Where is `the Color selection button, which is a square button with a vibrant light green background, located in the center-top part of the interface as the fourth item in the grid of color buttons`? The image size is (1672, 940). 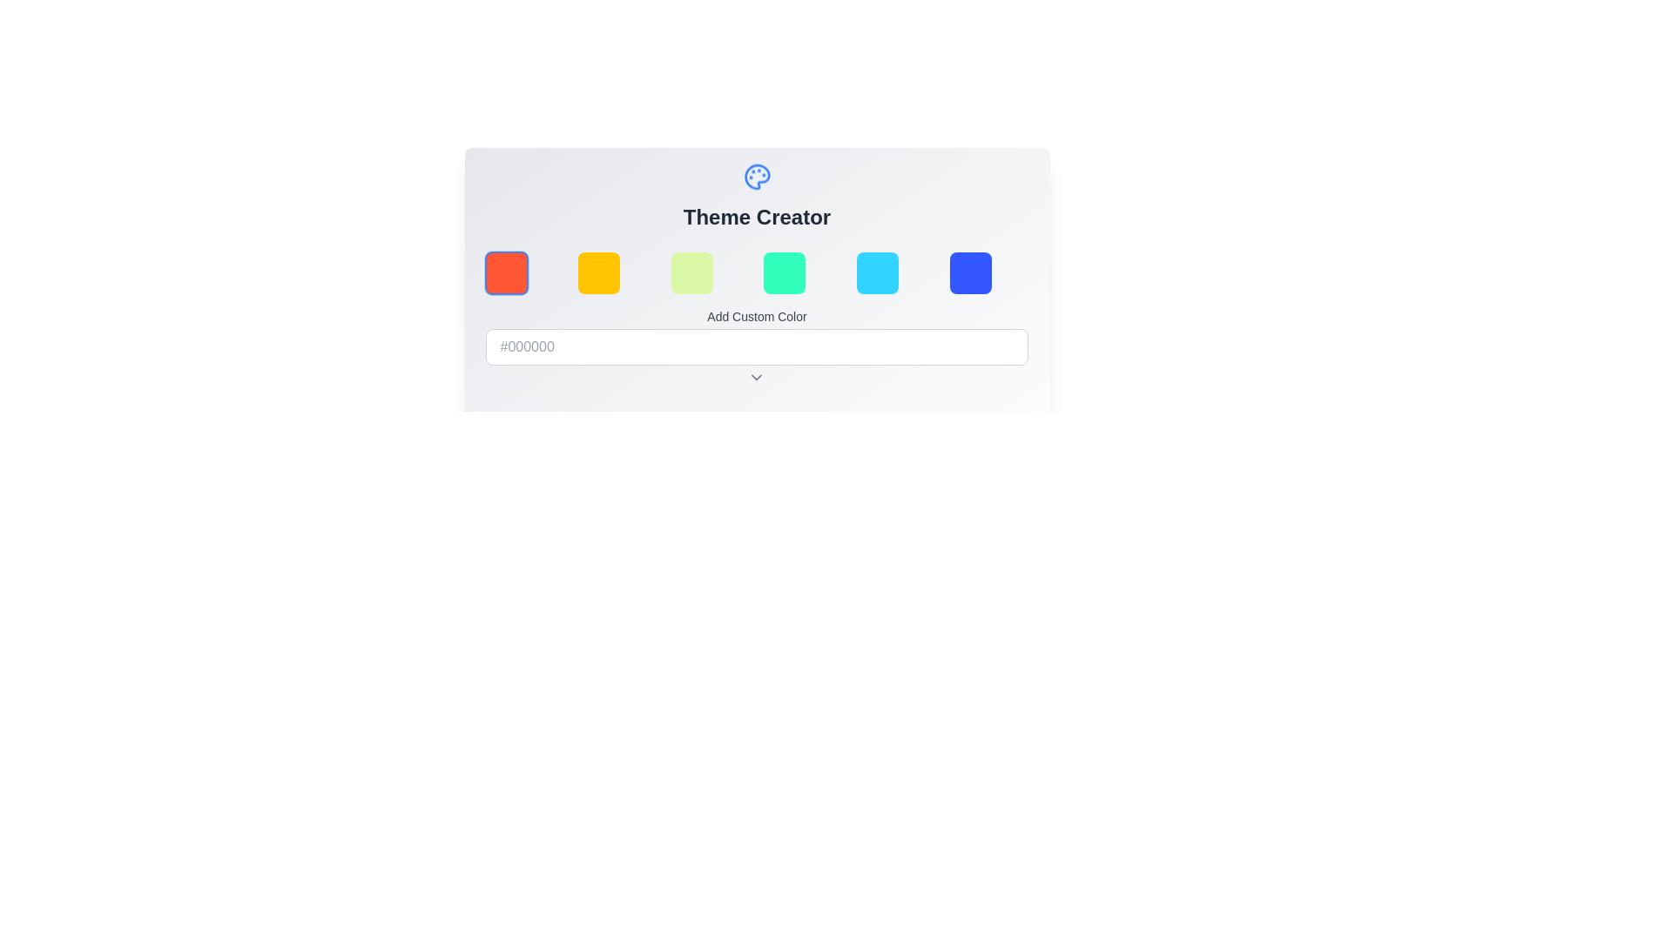
the Color selection button, which is a square button with a vibrant light green background, located in the center-top part of the interface as the fourth item in the grid of color buttons is located at coordinates (784, 272).